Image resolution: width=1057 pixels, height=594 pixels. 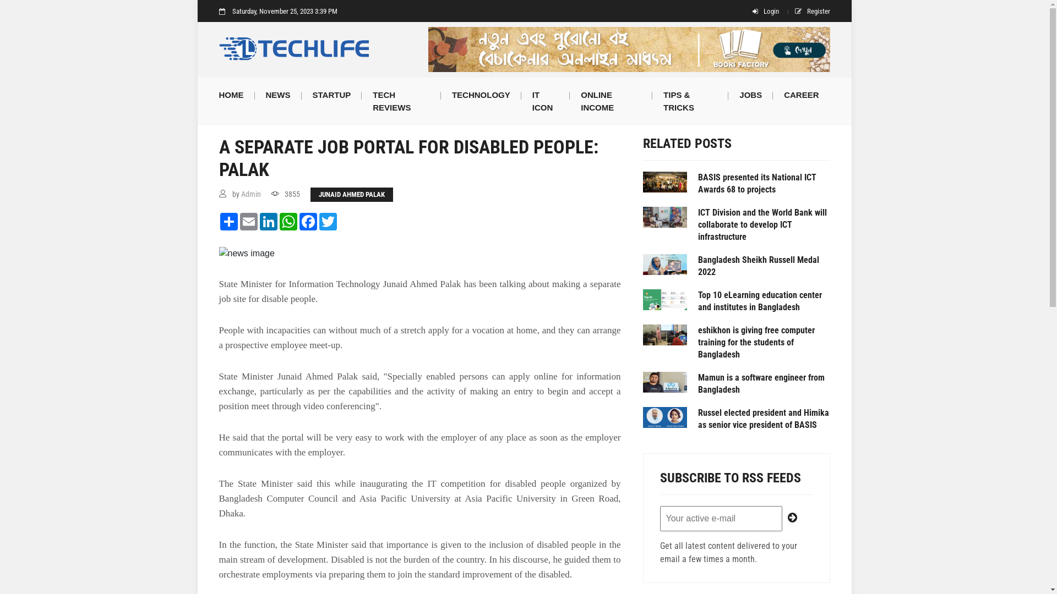 I want to click on 'Bangladesh Sheikh Russell Medal 2022', so click(x=763, y=266).